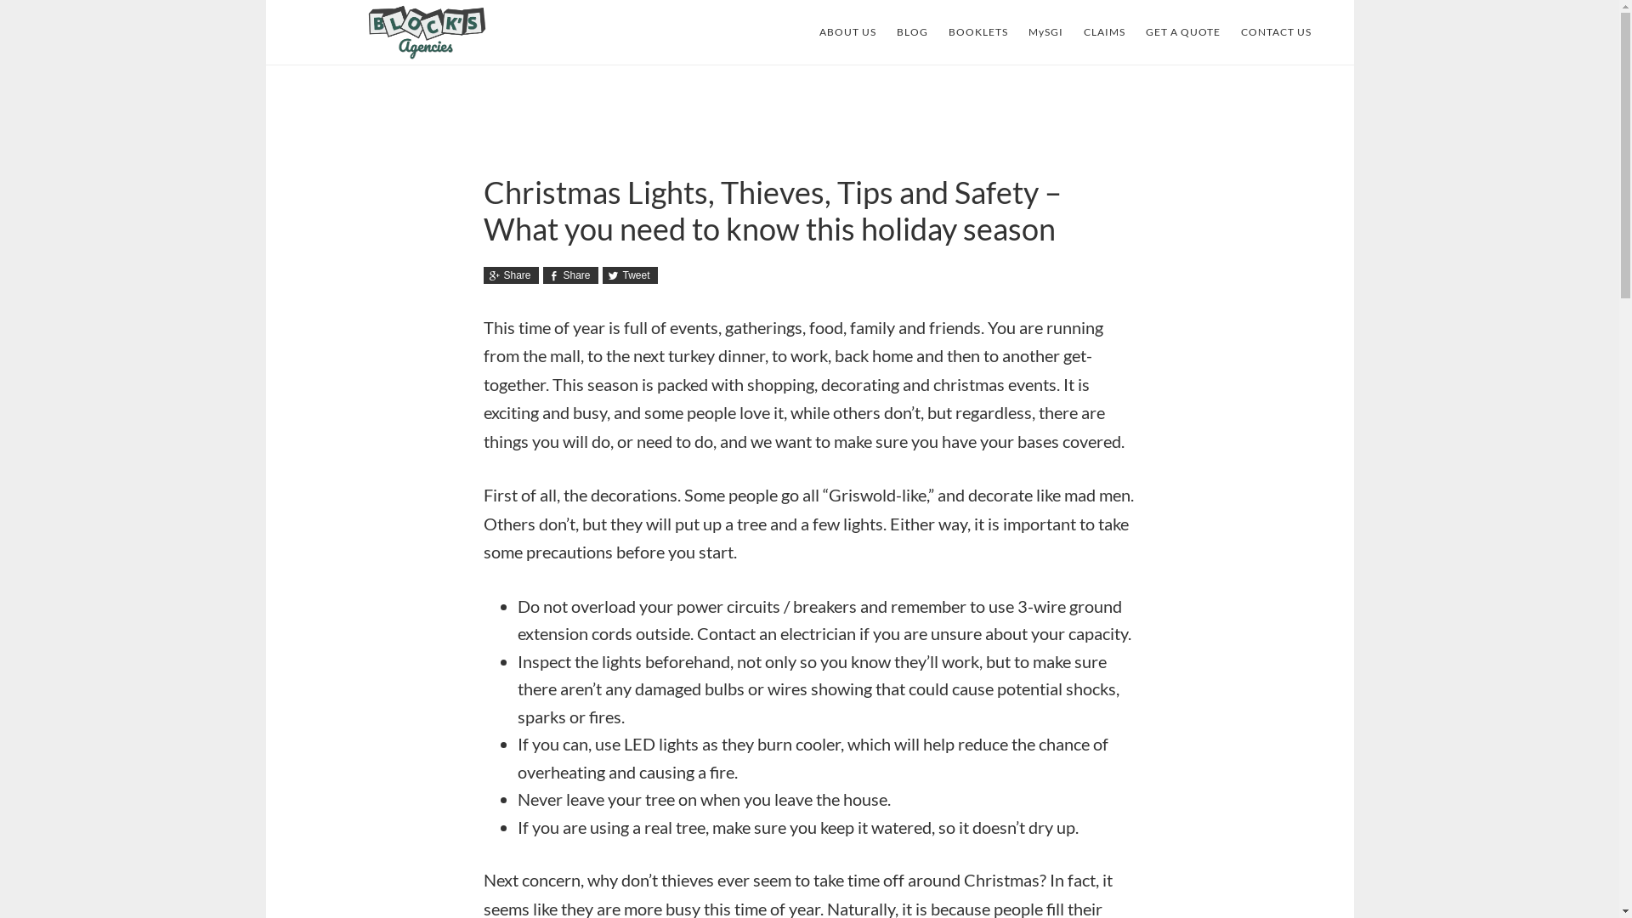  Describe the element at coordinates (847, 32) in the screenshot. I see `'ABOUT US'` at that location.